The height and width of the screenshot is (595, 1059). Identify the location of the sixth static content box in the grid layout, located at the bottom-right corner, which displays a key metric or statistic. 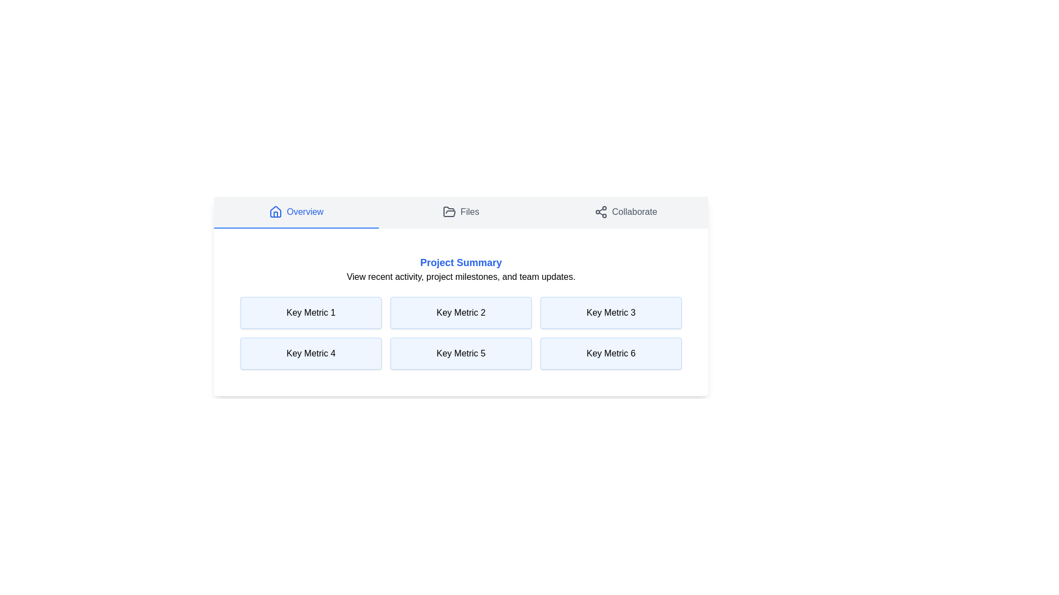
(611, 353).